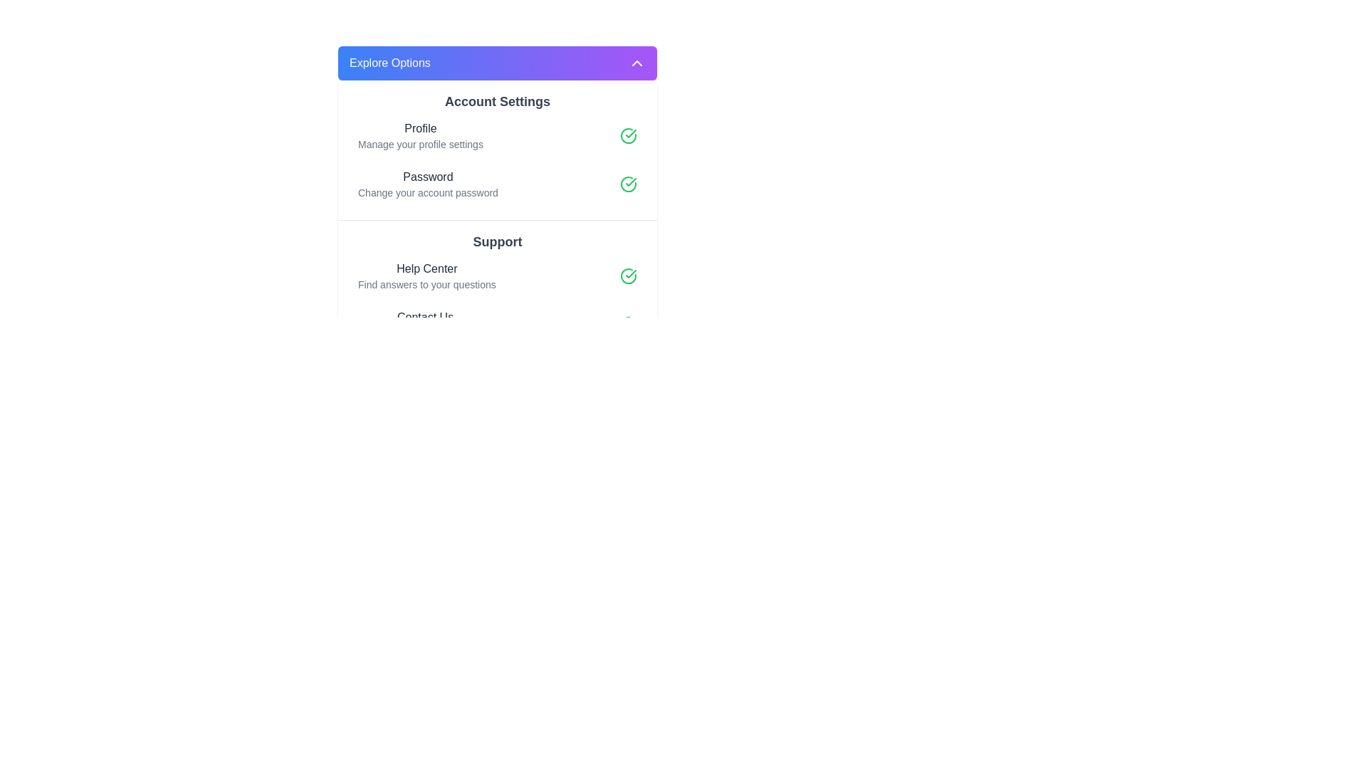 The height and width of the screenshot is (769, 1367). Describe the element at coordinates (424, 324) in the screenshot. I see `the informational text block under the 'Support' section` at that location.